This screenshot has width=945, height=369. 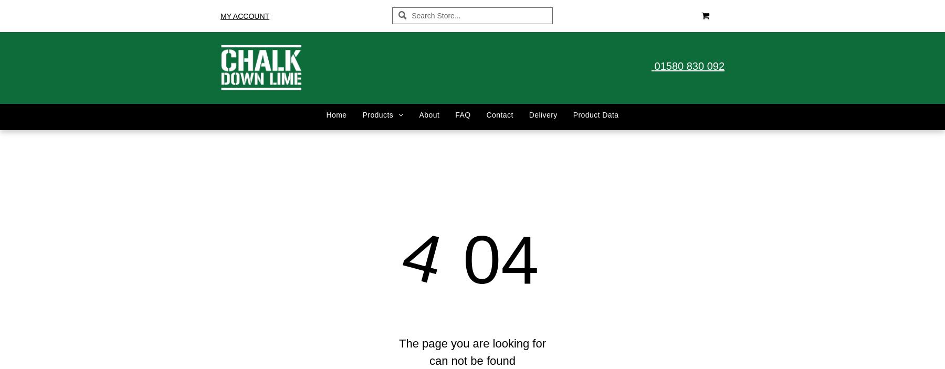 I want to click on 'Share by:', so click(x=43, y=26).